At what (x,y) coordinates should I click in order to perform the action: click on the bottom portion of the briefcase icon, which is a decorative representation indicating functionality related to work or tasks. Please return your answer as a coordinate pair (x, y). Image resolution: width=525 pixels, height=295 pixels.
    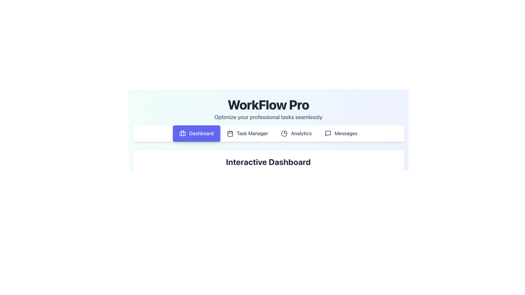
    Looking at the image, I should click on (182, 134).